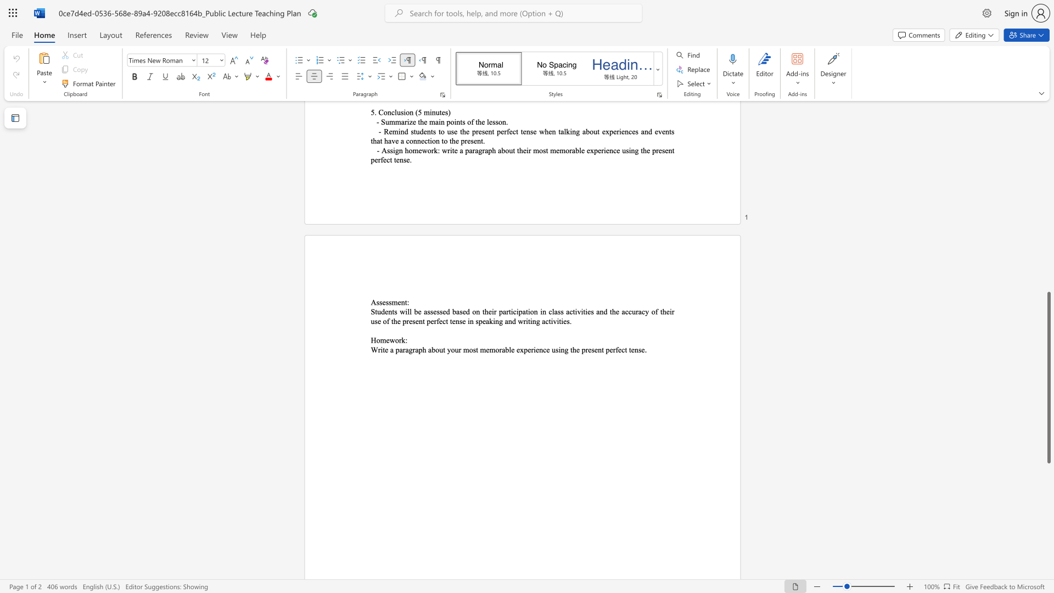  I want to click on the subset text "graph about your most memorable experience using the present perfect ten" within the text "Write a paragraph about your most memorable experience using the present perfect tense", so click(408, 350).